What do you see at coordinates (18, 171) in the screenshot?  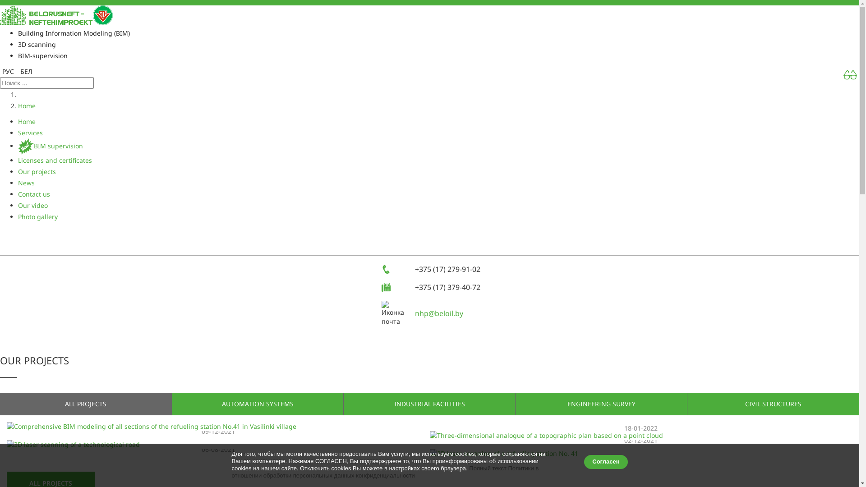 I see `'Our projects'` at bounding box center [18, 171].